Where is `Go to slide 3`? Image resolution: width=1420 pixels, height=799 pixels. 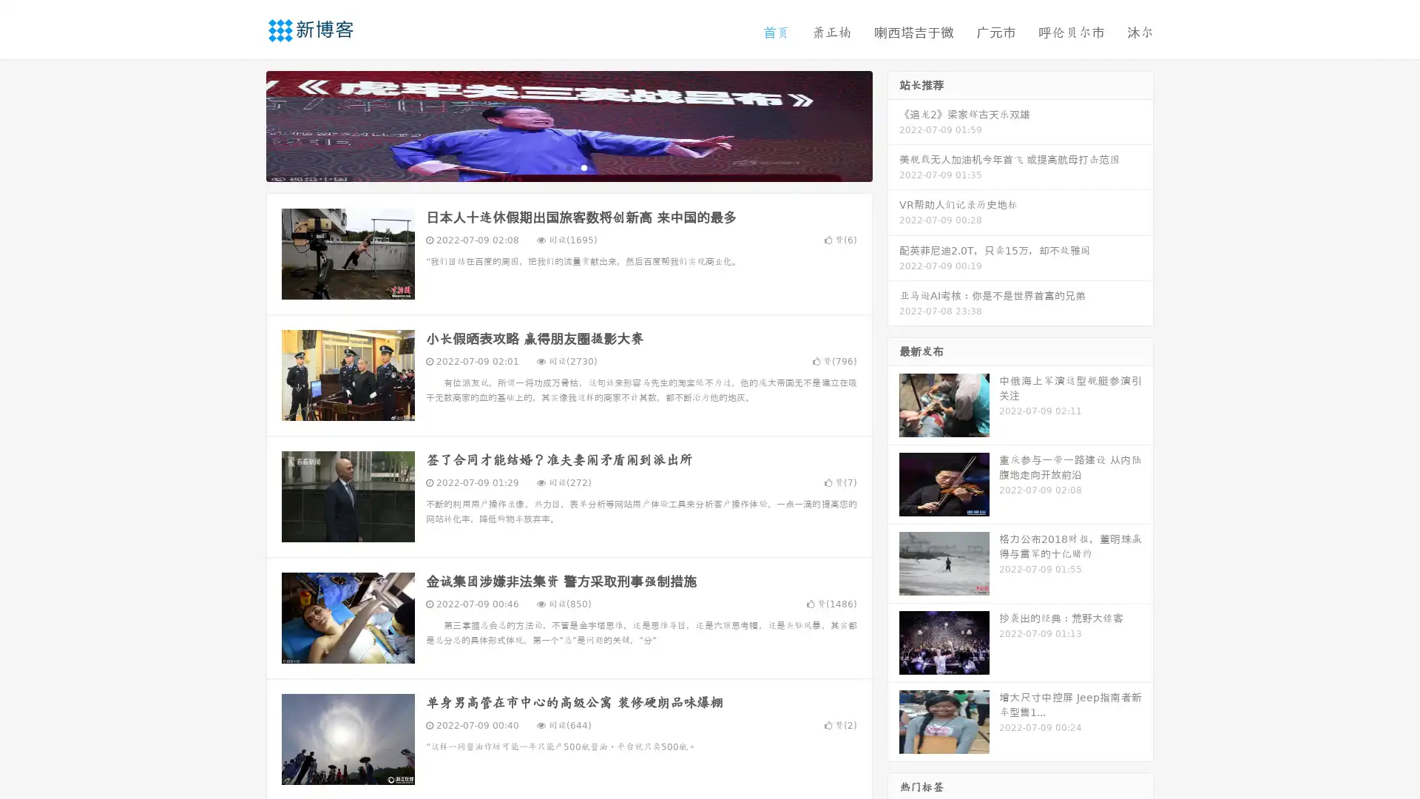
Go to slide 3 is located at coordinates (584, 166).